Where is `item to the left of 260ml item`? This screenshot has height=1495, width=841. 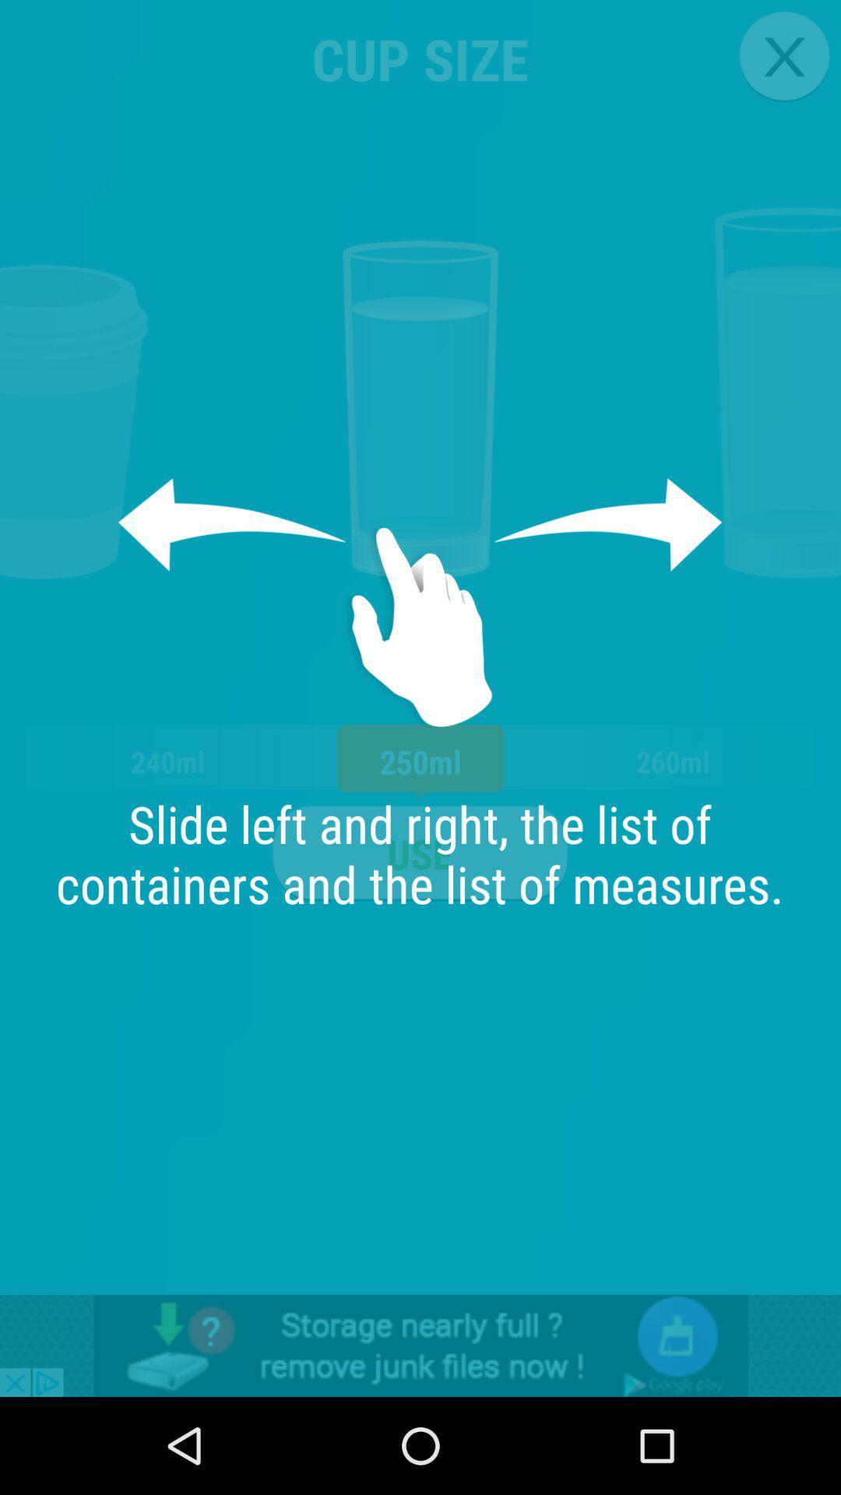 item to the left of 260ml item is located at coordinates (419, 853).